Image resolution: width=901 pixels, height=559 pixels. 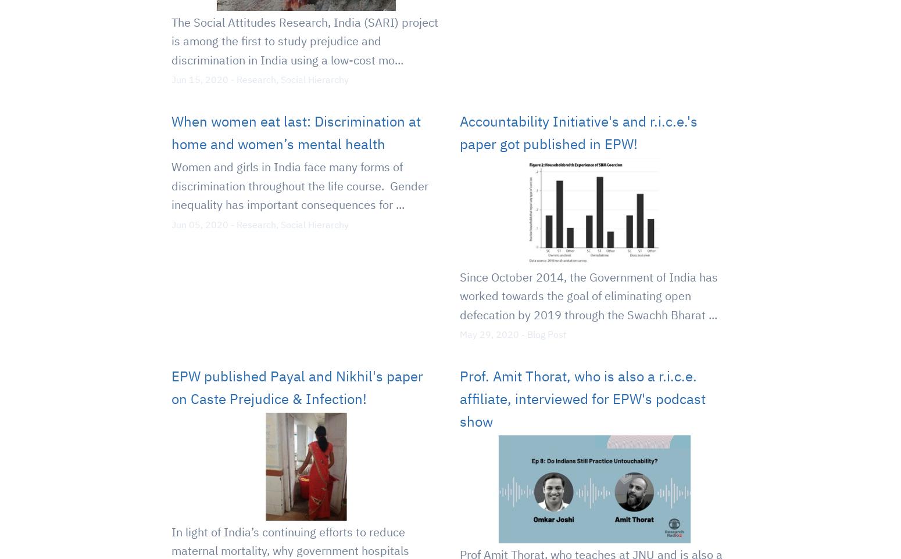 I want to click on 'When women eat last: Discrimination at home and women’s mental health', so click(x=295, y=132).